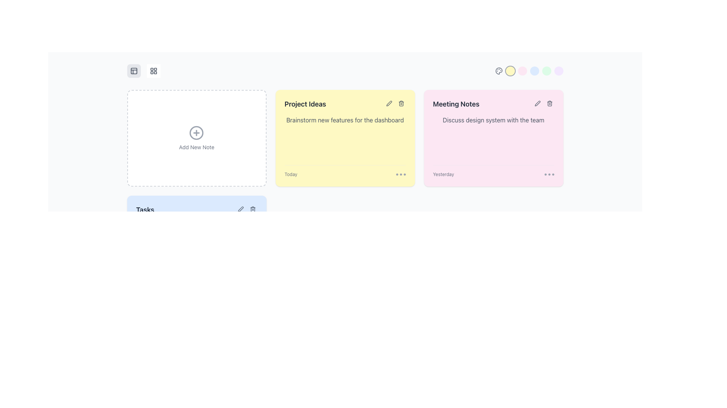  What do you see at coordinates (290, 175) in the screenshot?
I see `the 'Today' text label, which is a small light gray text element located at the left side of the bottom section of the 'Project Ideas' yellow card` at bounding box center [290, 175].